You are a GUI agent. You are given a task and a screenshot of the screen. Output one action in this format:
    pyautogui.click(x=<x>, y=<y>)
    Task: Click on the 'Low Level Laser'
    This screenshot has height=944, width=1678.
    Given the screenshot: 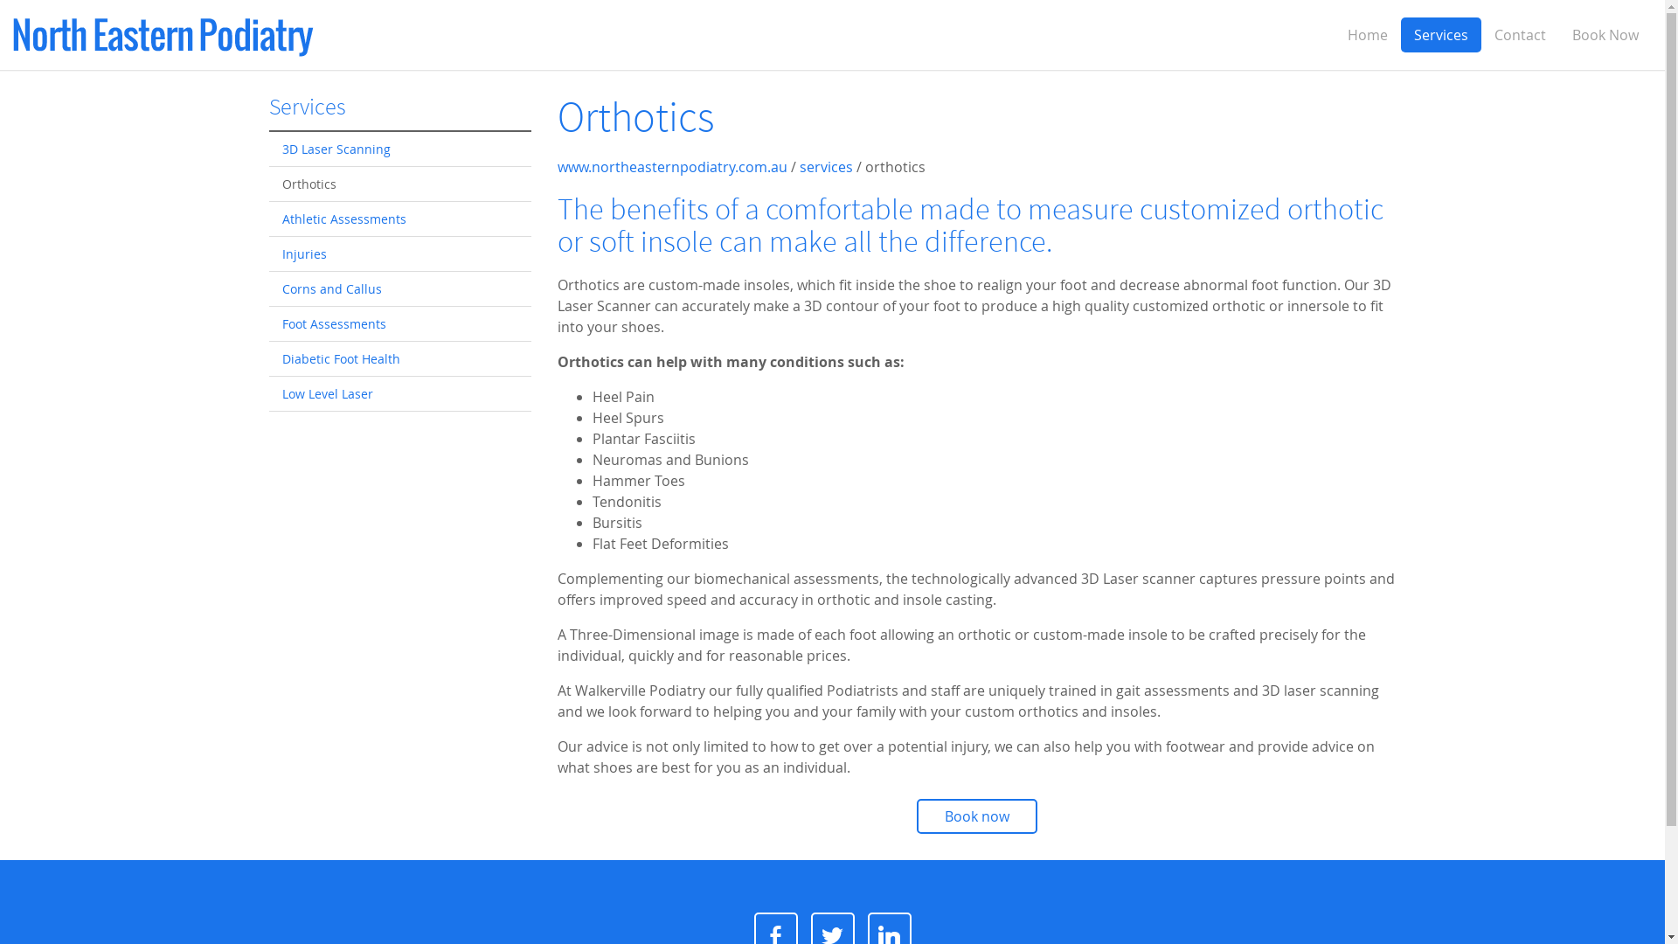 What is the action you would take?
    pyautogui.click(x=399, y=394)
    